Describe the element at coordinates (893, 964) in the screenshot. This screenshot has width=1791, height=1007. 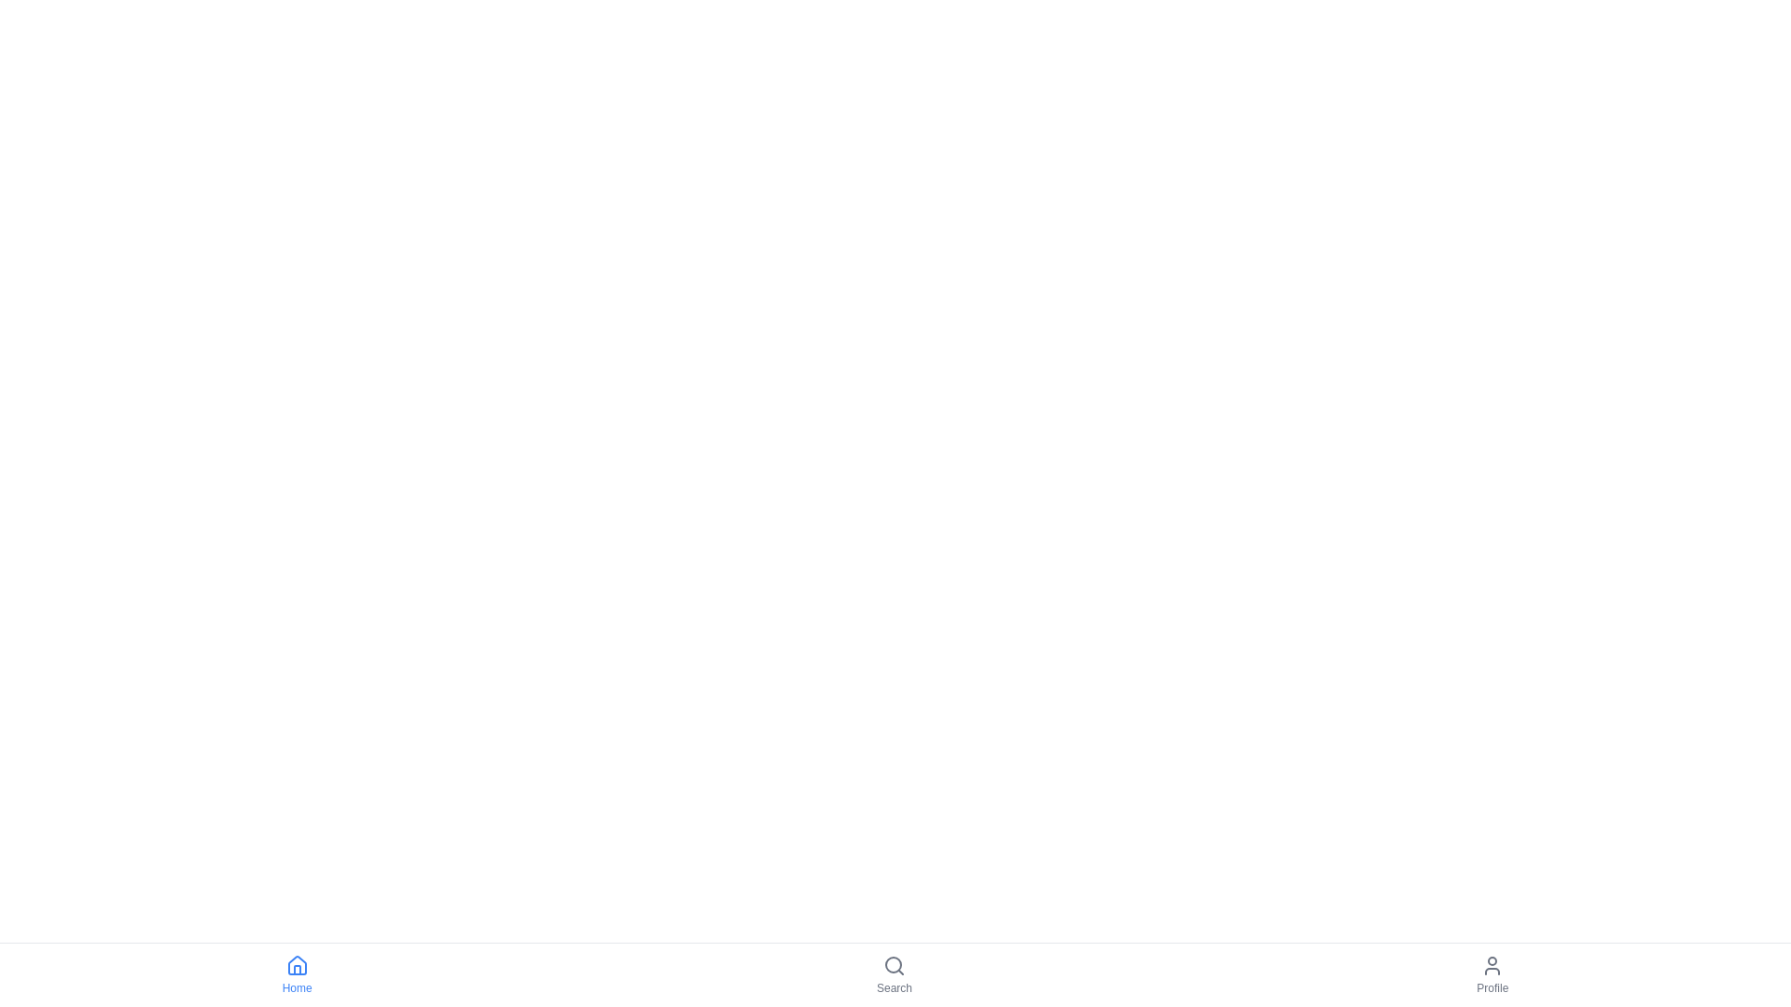
I see `the SVG circle element that forms the main circular part of the lens in the second icon of the bottom navigation bar` at that location.